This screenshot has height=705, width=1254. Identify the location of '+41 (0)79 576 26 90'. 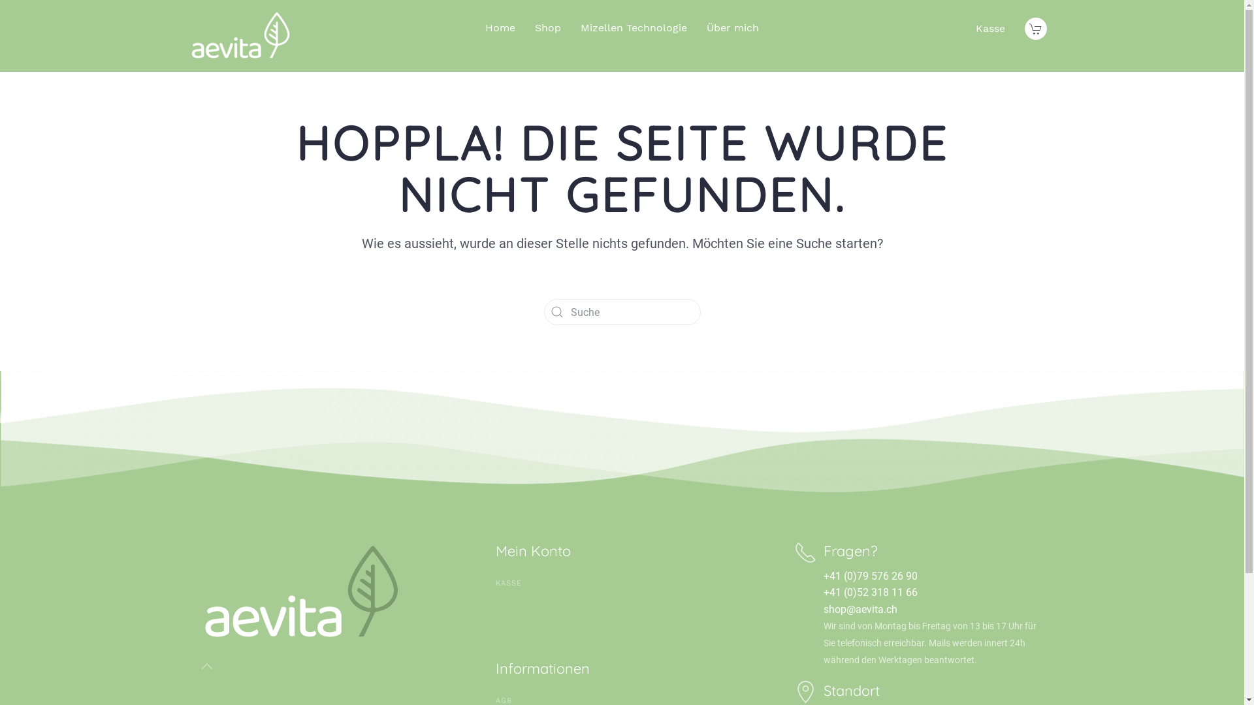
(871, 575).